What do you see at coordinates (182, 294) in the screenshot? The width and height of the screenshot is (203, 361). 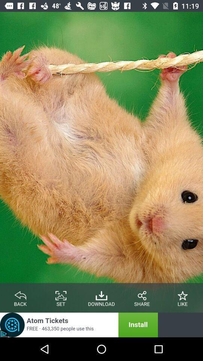 I see `like` at bounding box center [182, 294].